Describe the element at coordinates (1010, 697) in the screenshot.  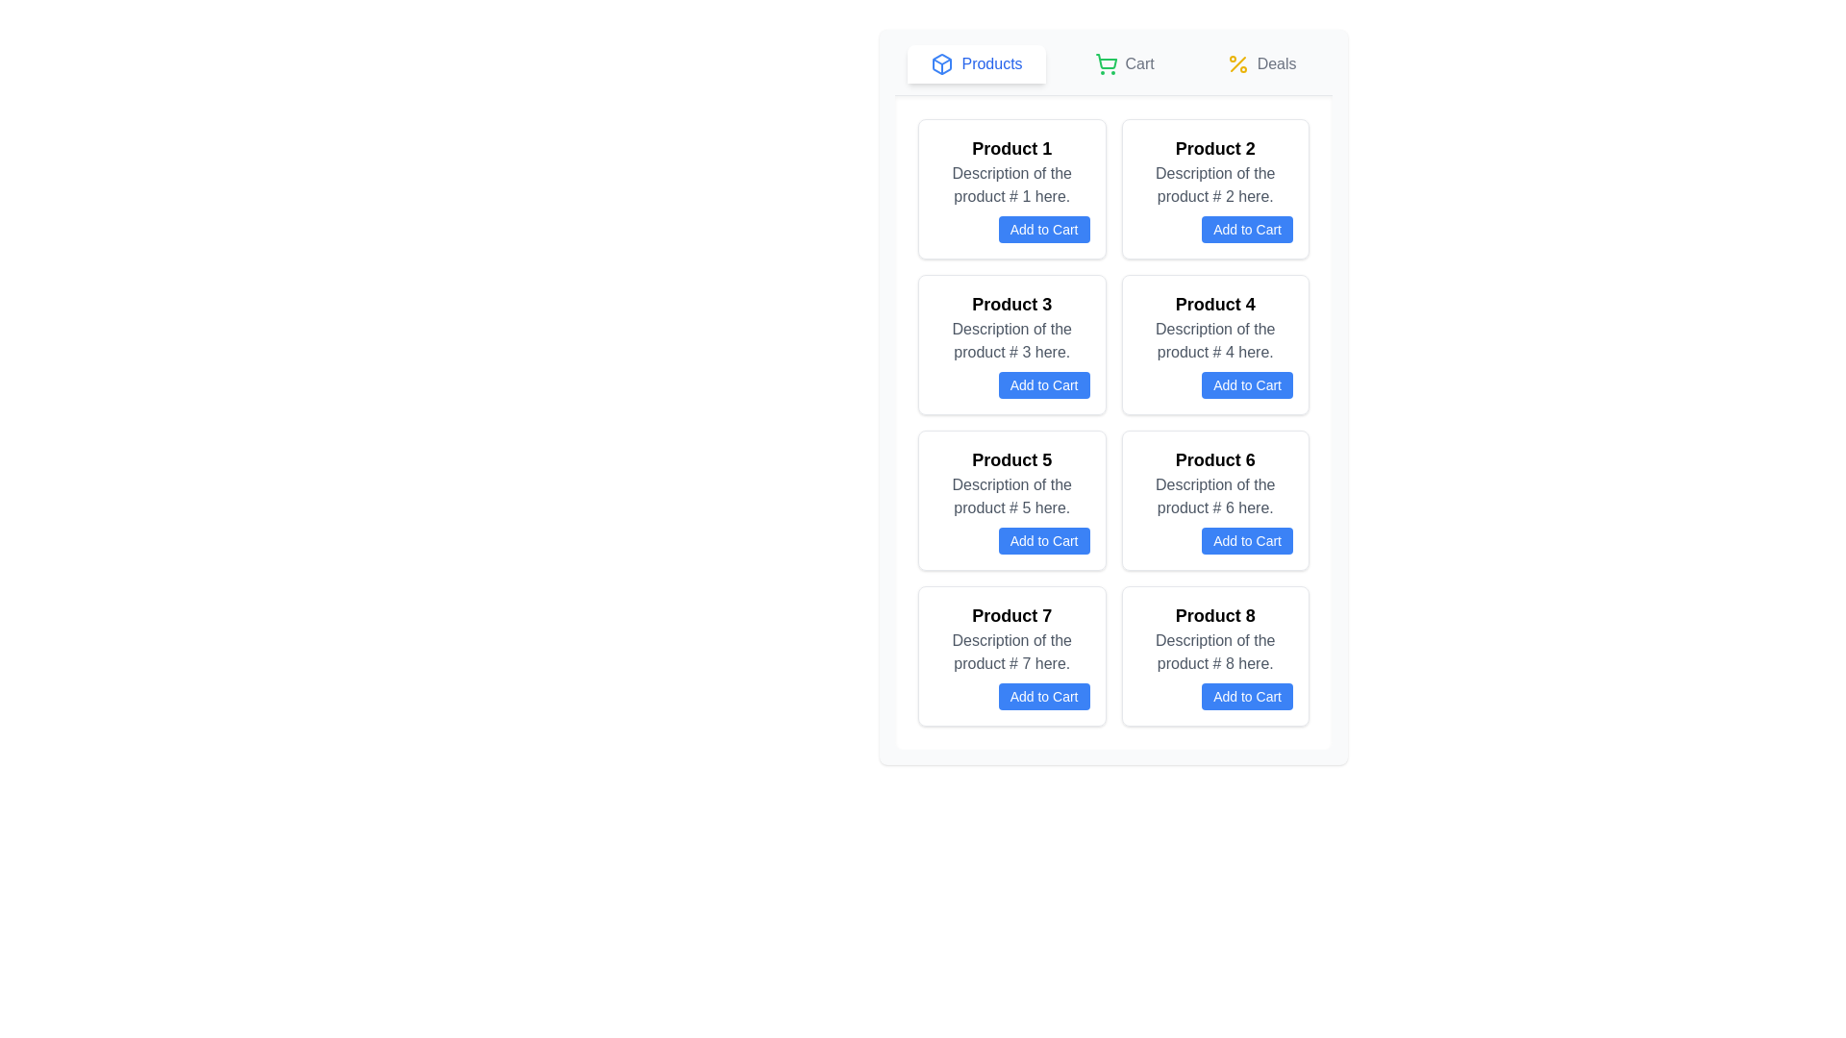
I see `the 'Add to Cart' button for Product 7 located in the bottom-right corner of its cell` at that location.